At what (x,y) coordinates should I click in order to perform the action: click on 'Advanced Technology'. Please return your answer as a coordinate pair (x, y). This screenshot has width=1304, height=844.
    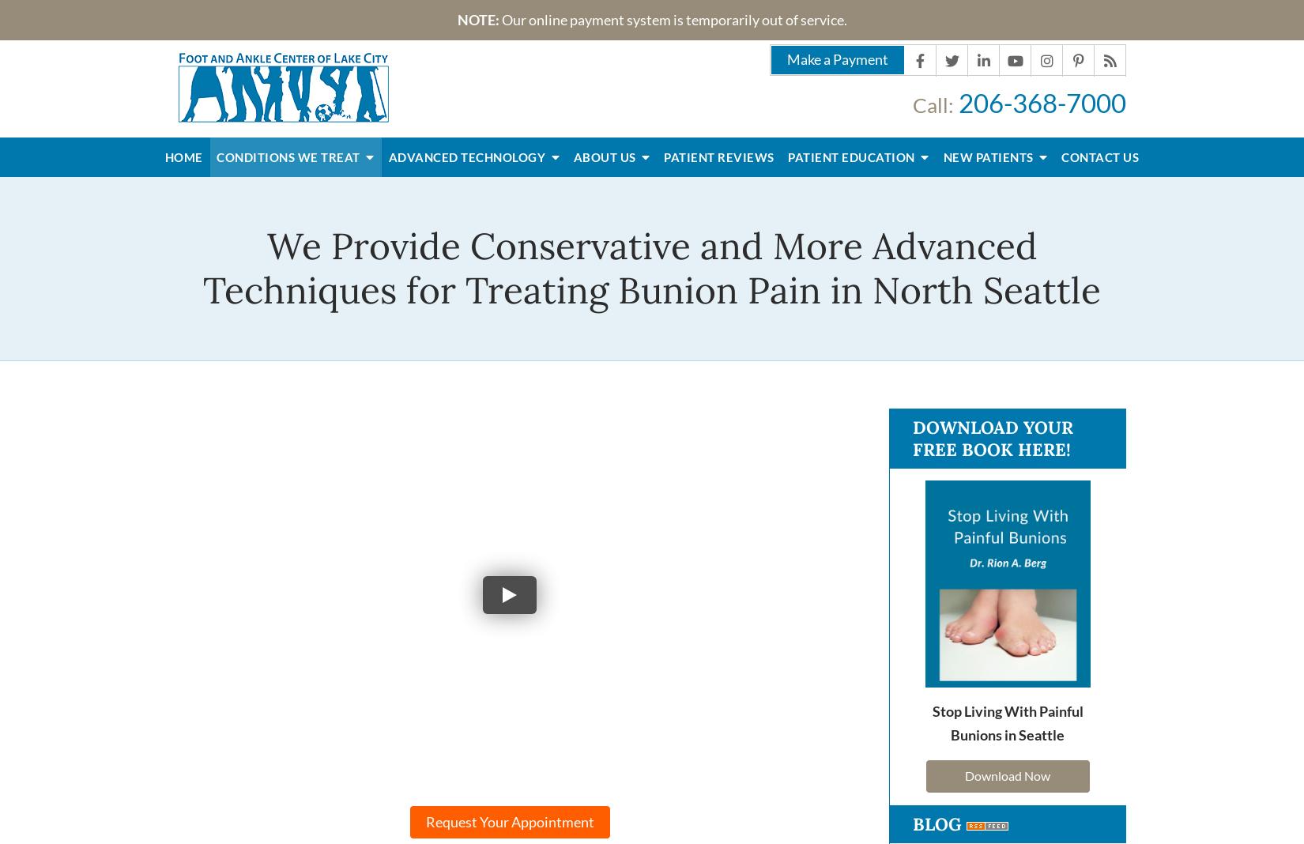
    Looking at the image, I should click on (467, 163).